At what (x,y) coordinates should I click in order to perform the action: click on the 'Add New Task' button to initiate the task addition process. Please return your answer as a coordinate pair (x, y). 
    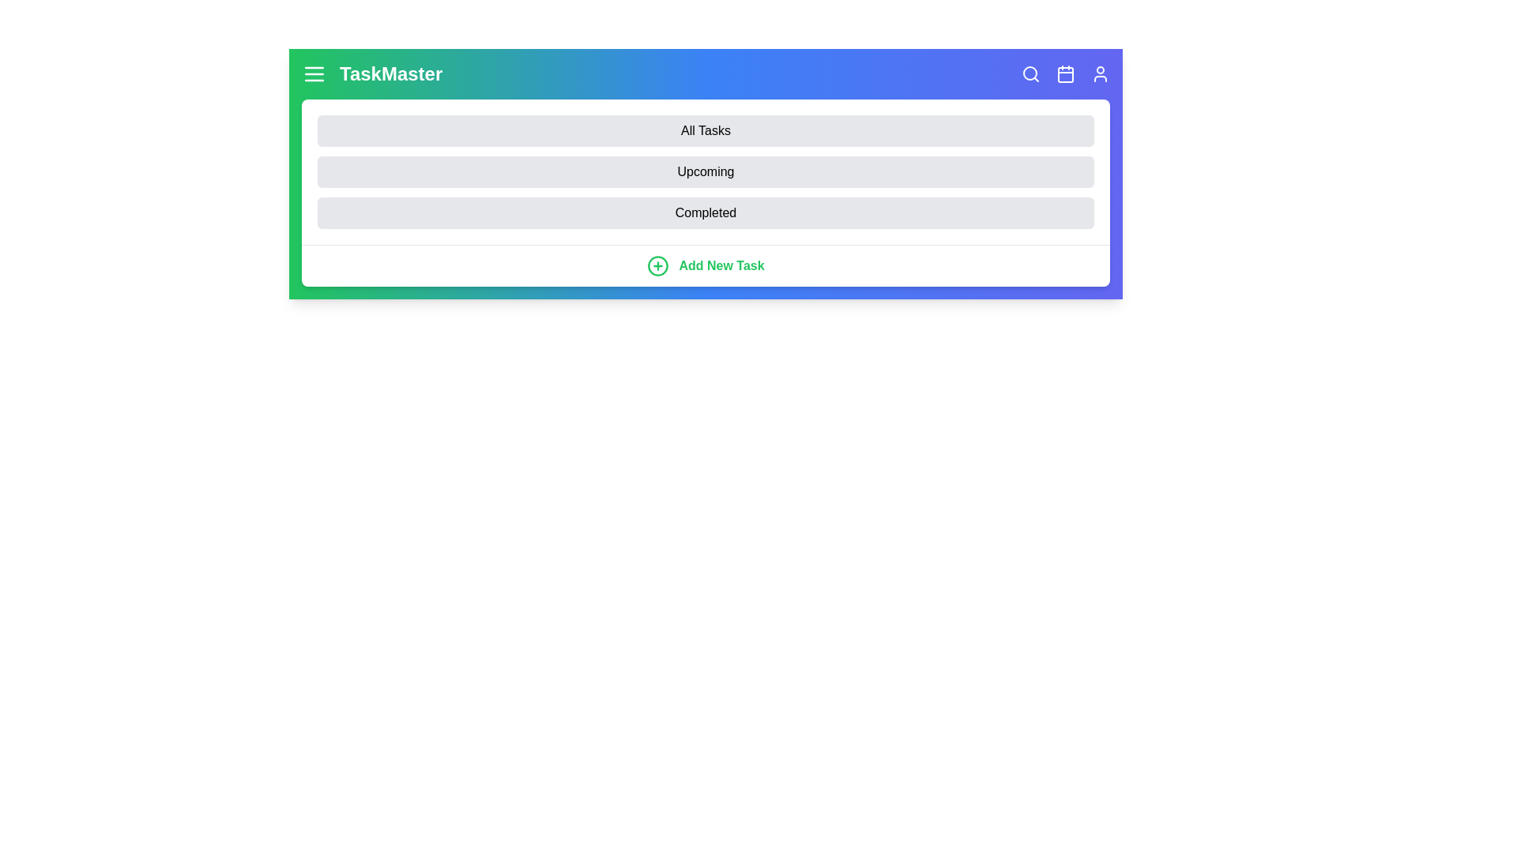
    Looking at the image, I should click on (658, 265).